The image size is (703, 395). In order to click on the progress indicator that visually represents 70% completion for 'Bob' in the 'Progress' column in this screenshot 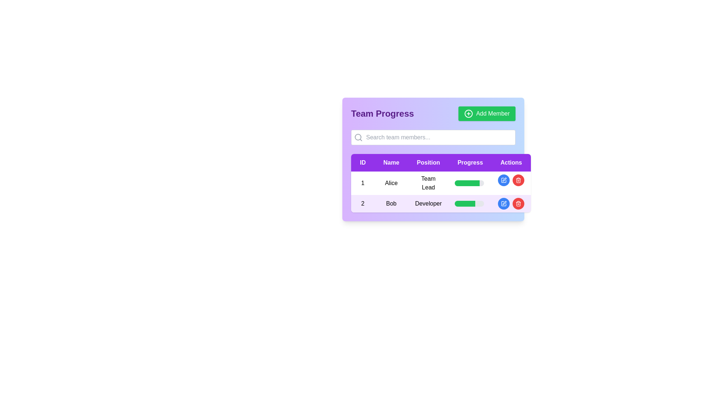, I will do `click(464, 203)`.